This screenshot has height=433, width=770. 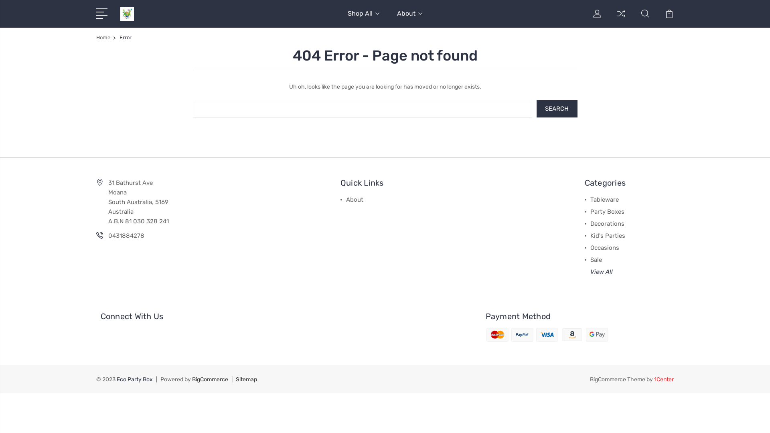 I want to click on 'Home', so click(x=103, y=37).